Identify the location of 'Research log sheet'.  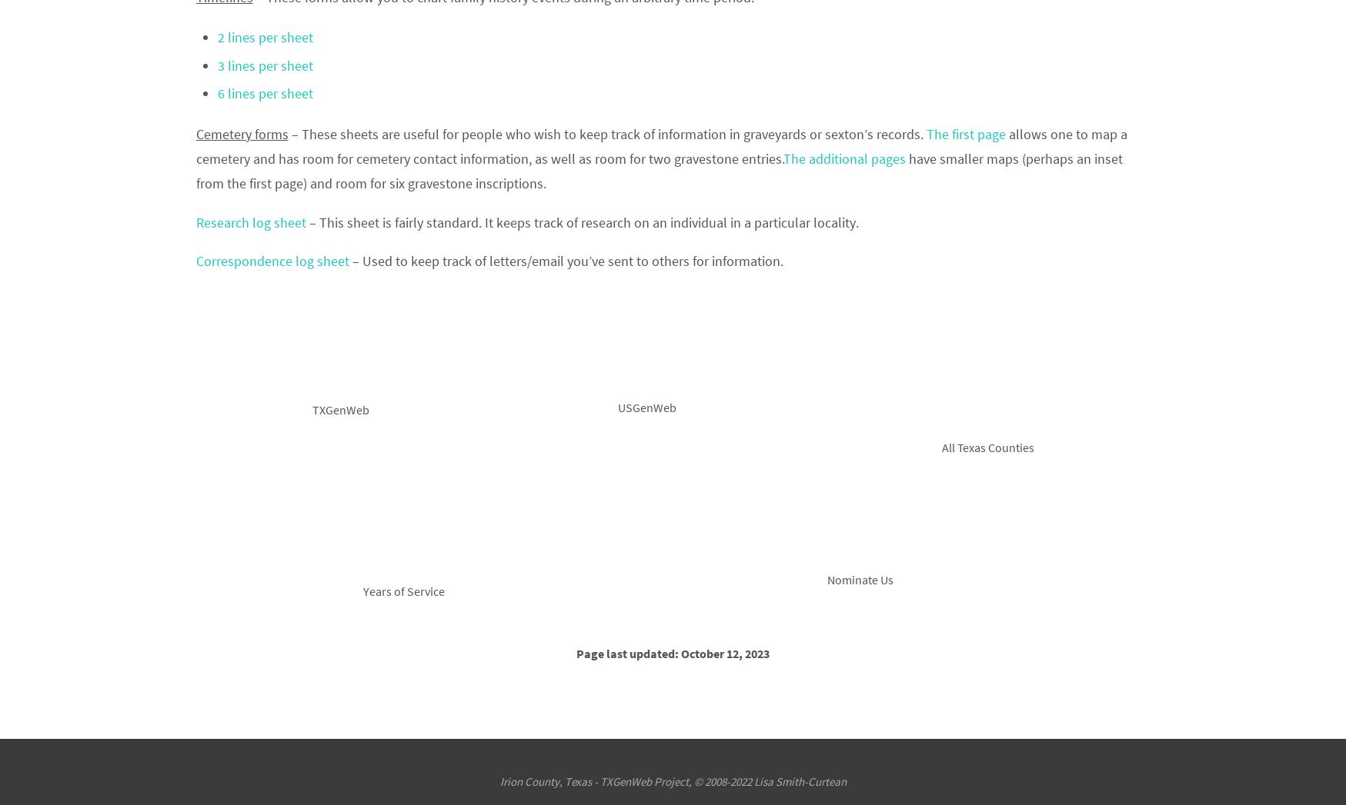
(251, 221).